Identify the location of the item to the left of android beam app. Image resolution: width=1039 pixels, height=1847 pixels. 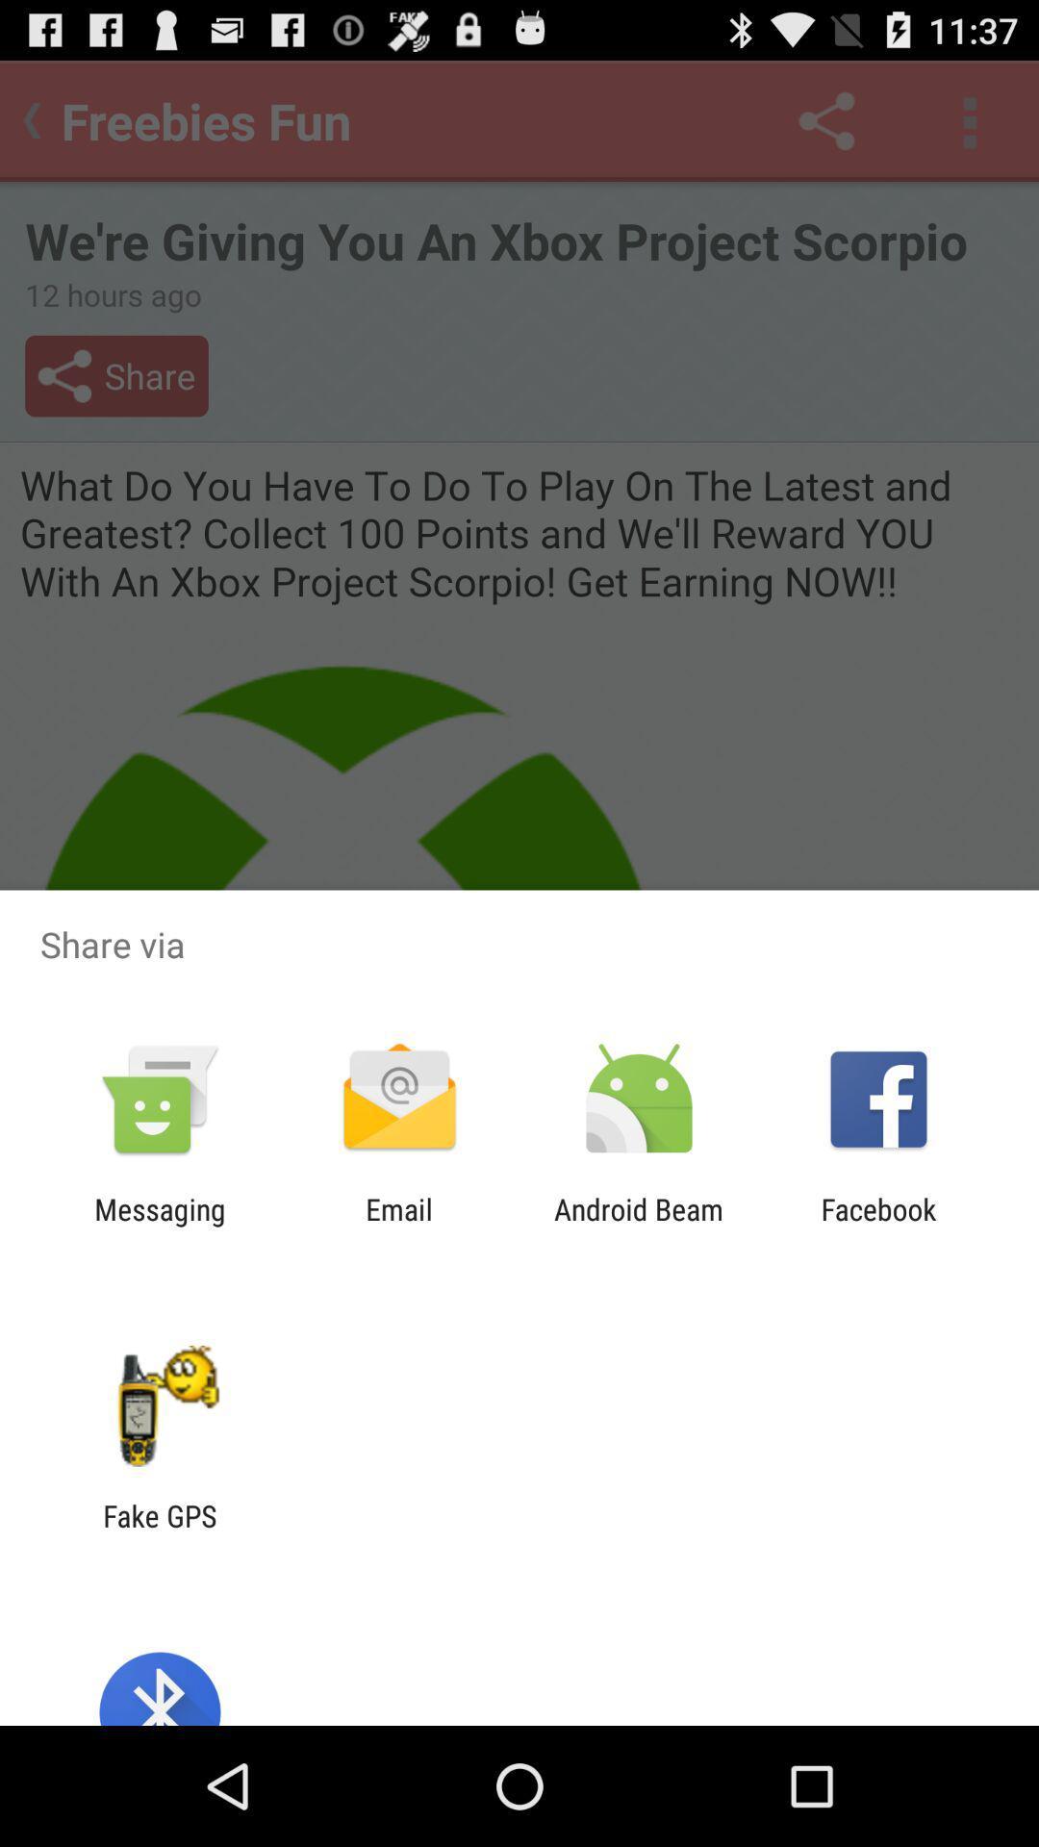
(398, 1226).